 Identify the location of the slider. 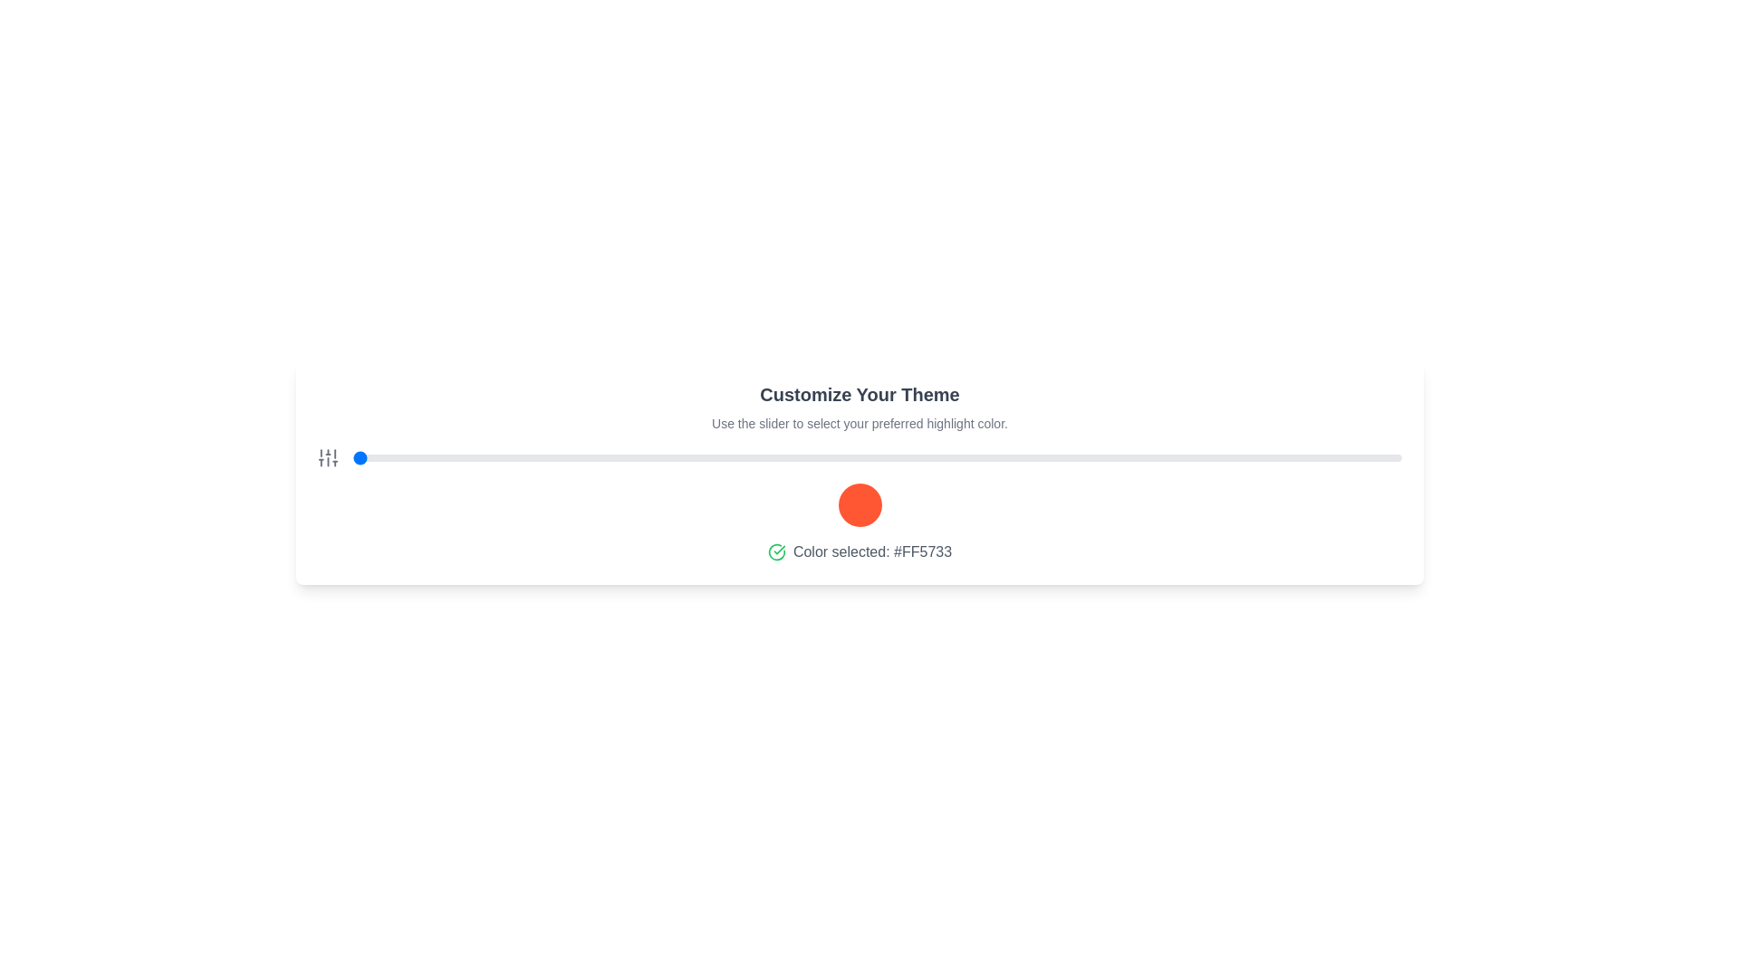
(1290, 456).